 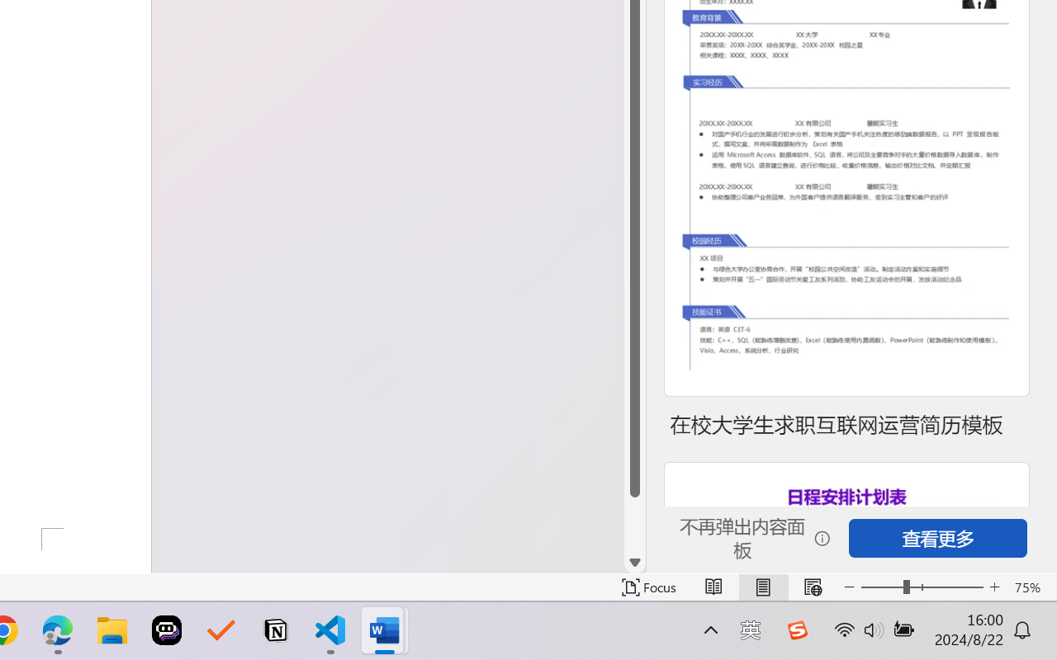 What do you see at coordinates (921, 587) in the screenshot?
I see `'Zoom'` at bounding box center [921, 587].